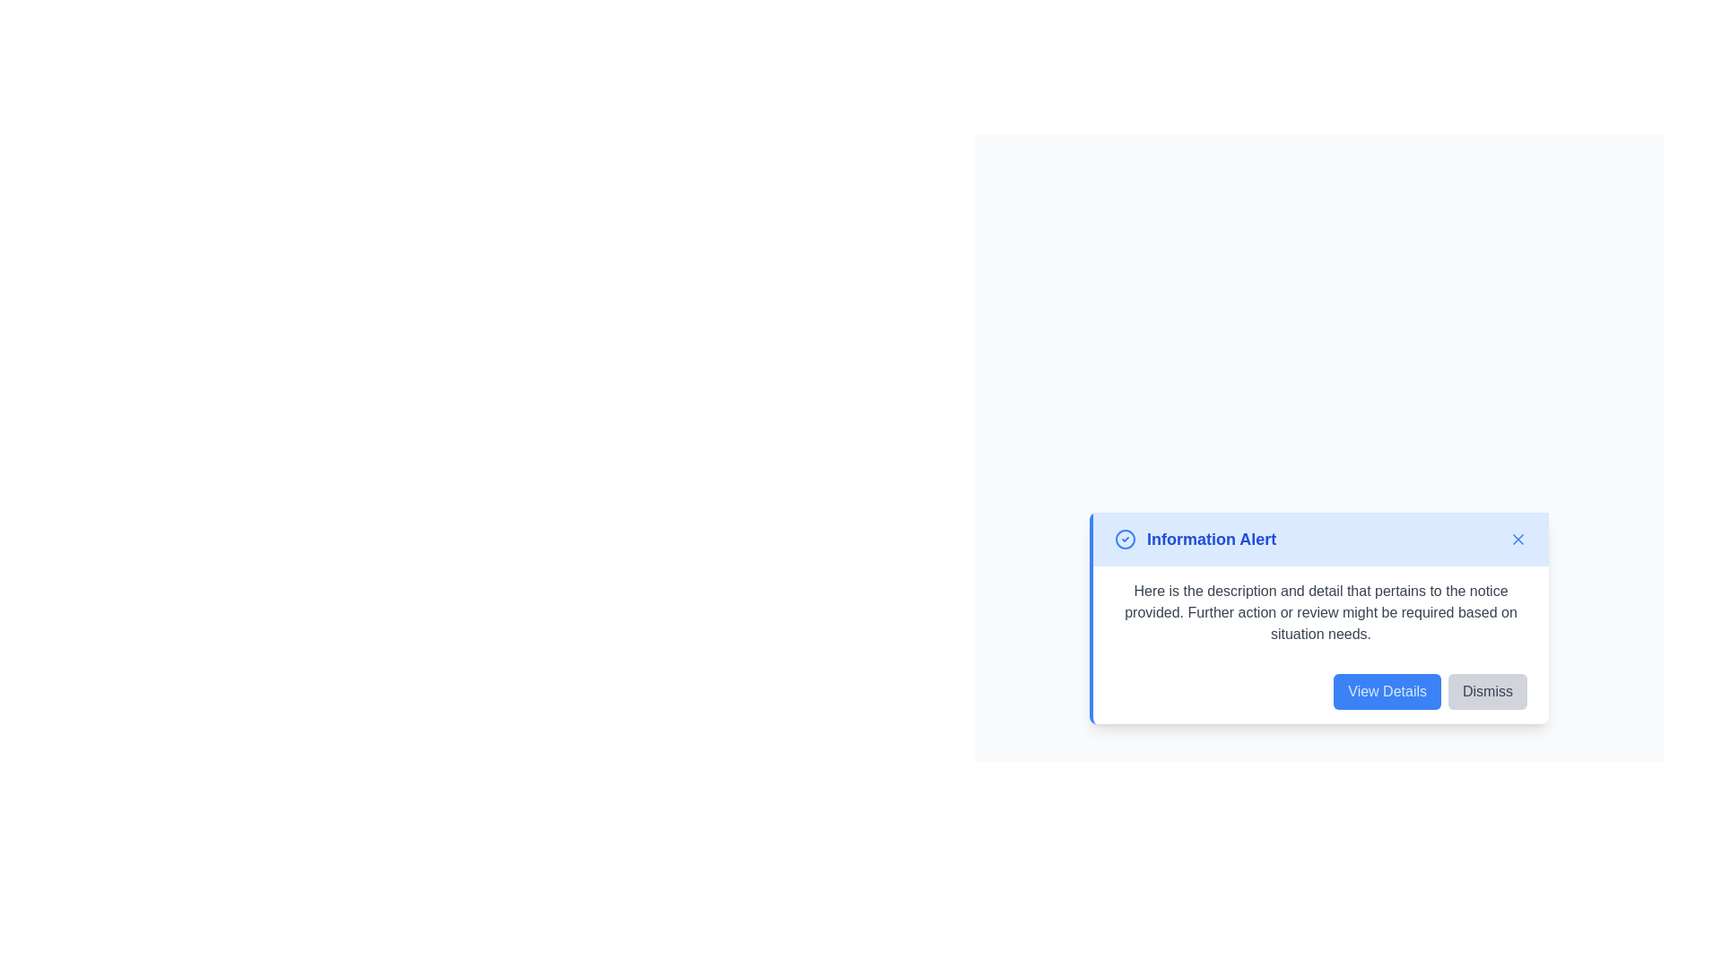 The image size is (1722, 968). Describe the element at coordinates (1386, 690) in the screenshot. I see `the button located on the right side of the dialog box` at that location.